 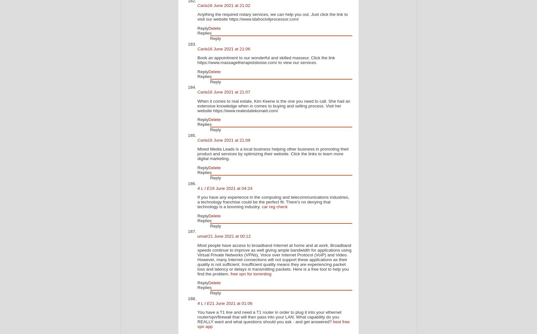 What do you see at coordinates (230, 303) in the screenshot?
I see `'21 June 2021 at 01:06'` at bounding box center [230, 303].